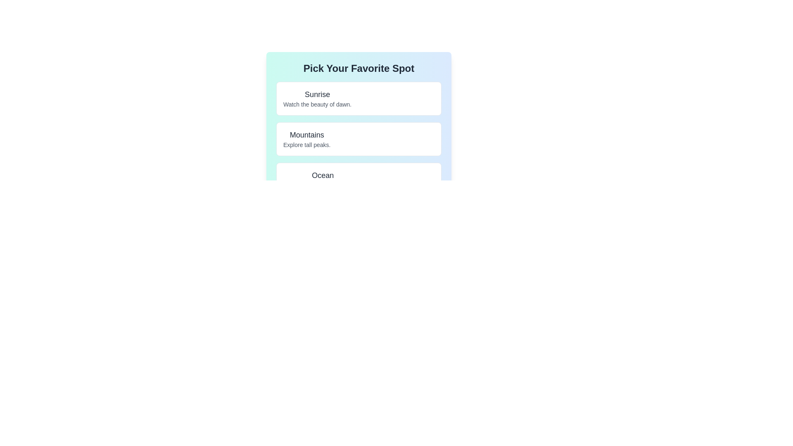 Image resolution: width=793 pixels, height=446 pixels. I want to click on the 'Sunrise' heading text, which is styled in bold dark gray and located at the top of a vertically stacked content block, so click(317, 94).